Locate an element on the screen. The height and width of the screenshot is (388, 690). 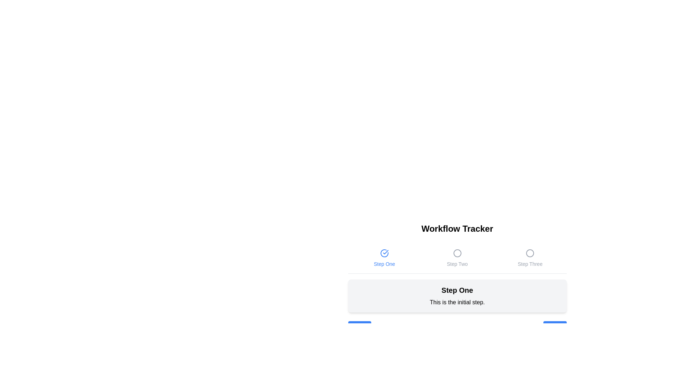
the static step indicator component for 'Step Two' is located at coordinates (457, 258).